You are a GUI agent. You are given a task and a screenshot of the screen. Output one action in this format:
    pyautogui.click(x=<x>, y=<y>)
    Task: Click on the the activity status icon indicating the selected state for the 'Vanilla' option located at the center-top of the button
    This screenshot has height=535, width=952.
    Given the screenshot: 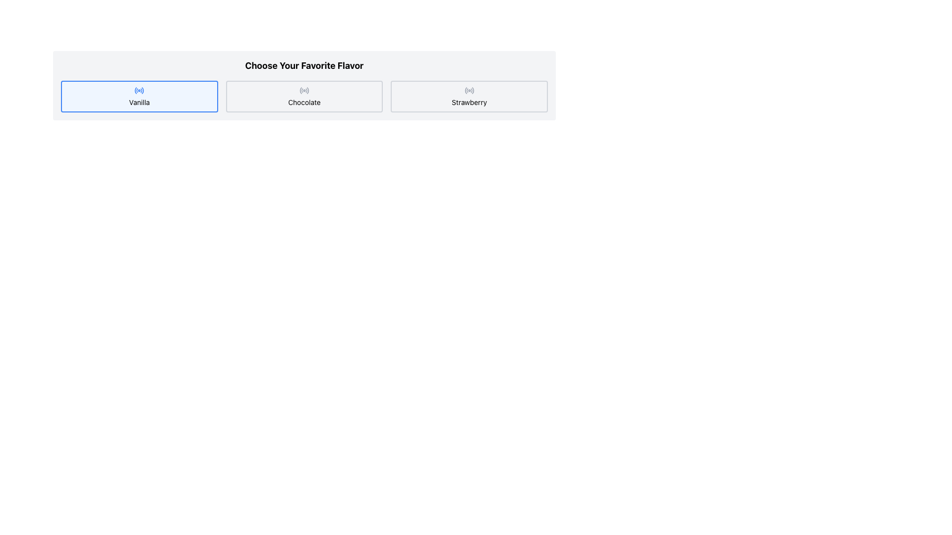 What is the action you would take?
    pyautogui.click(x=139, y=90)
    